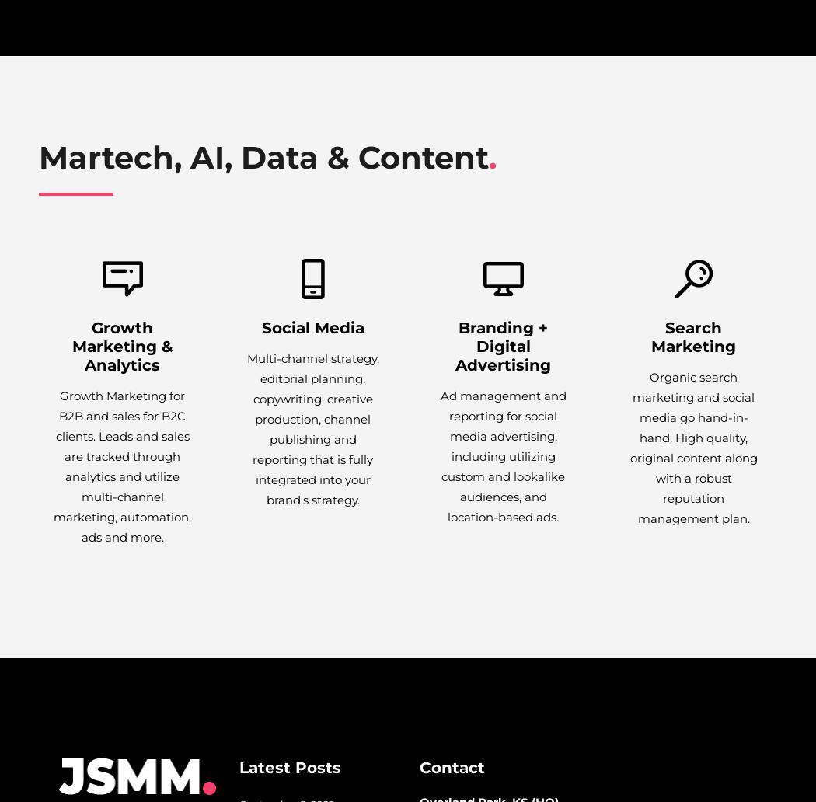 The width and height of the screenshot is (816, 802). I want to click on 'Multi-channel strategy, editorial planning, copywriting, creative production, channel publishing and reporting that is fully integrated into your brand's strategy.', so click(312, 429).